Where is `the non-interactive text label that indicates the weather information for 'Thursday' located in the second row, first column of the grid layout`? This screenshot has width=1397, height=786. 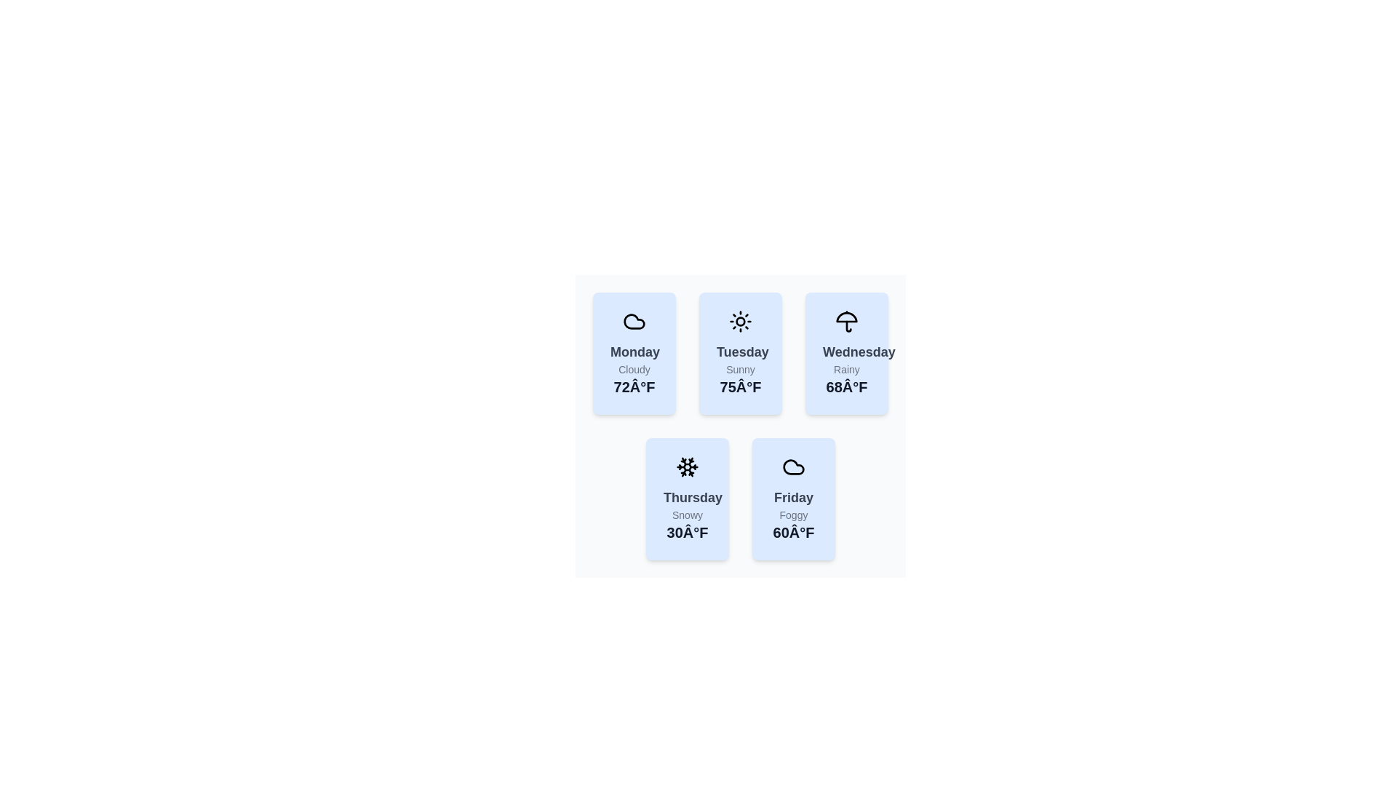
the non-interactive text label that indicates the weather information for 'Thursday' located in the second row, first column of the grid layout is located at coordinates (687, 496).